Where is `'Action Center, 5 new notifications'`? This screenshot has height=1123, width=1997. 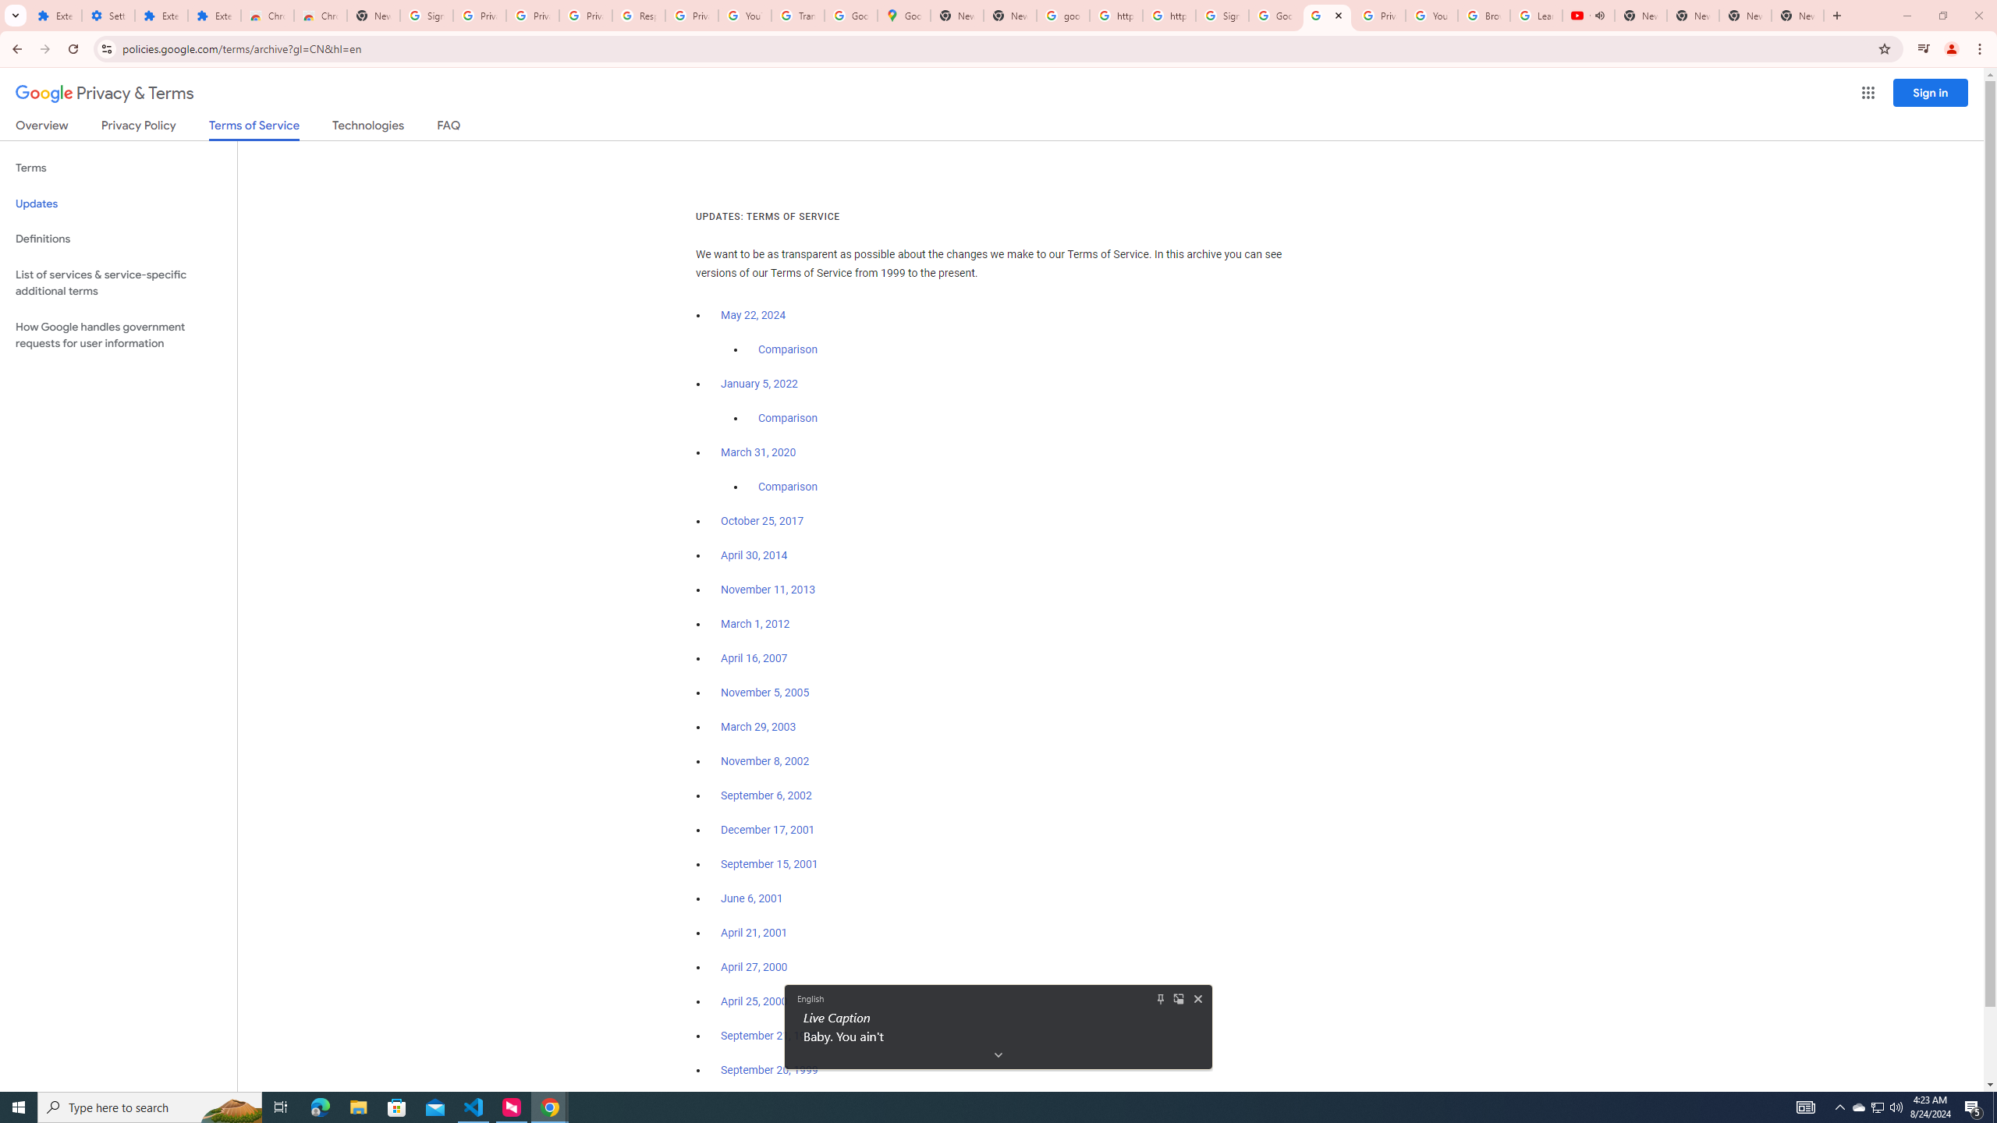 'Action Center, 5 new notifications' is located at coordinates (1974, 1106).